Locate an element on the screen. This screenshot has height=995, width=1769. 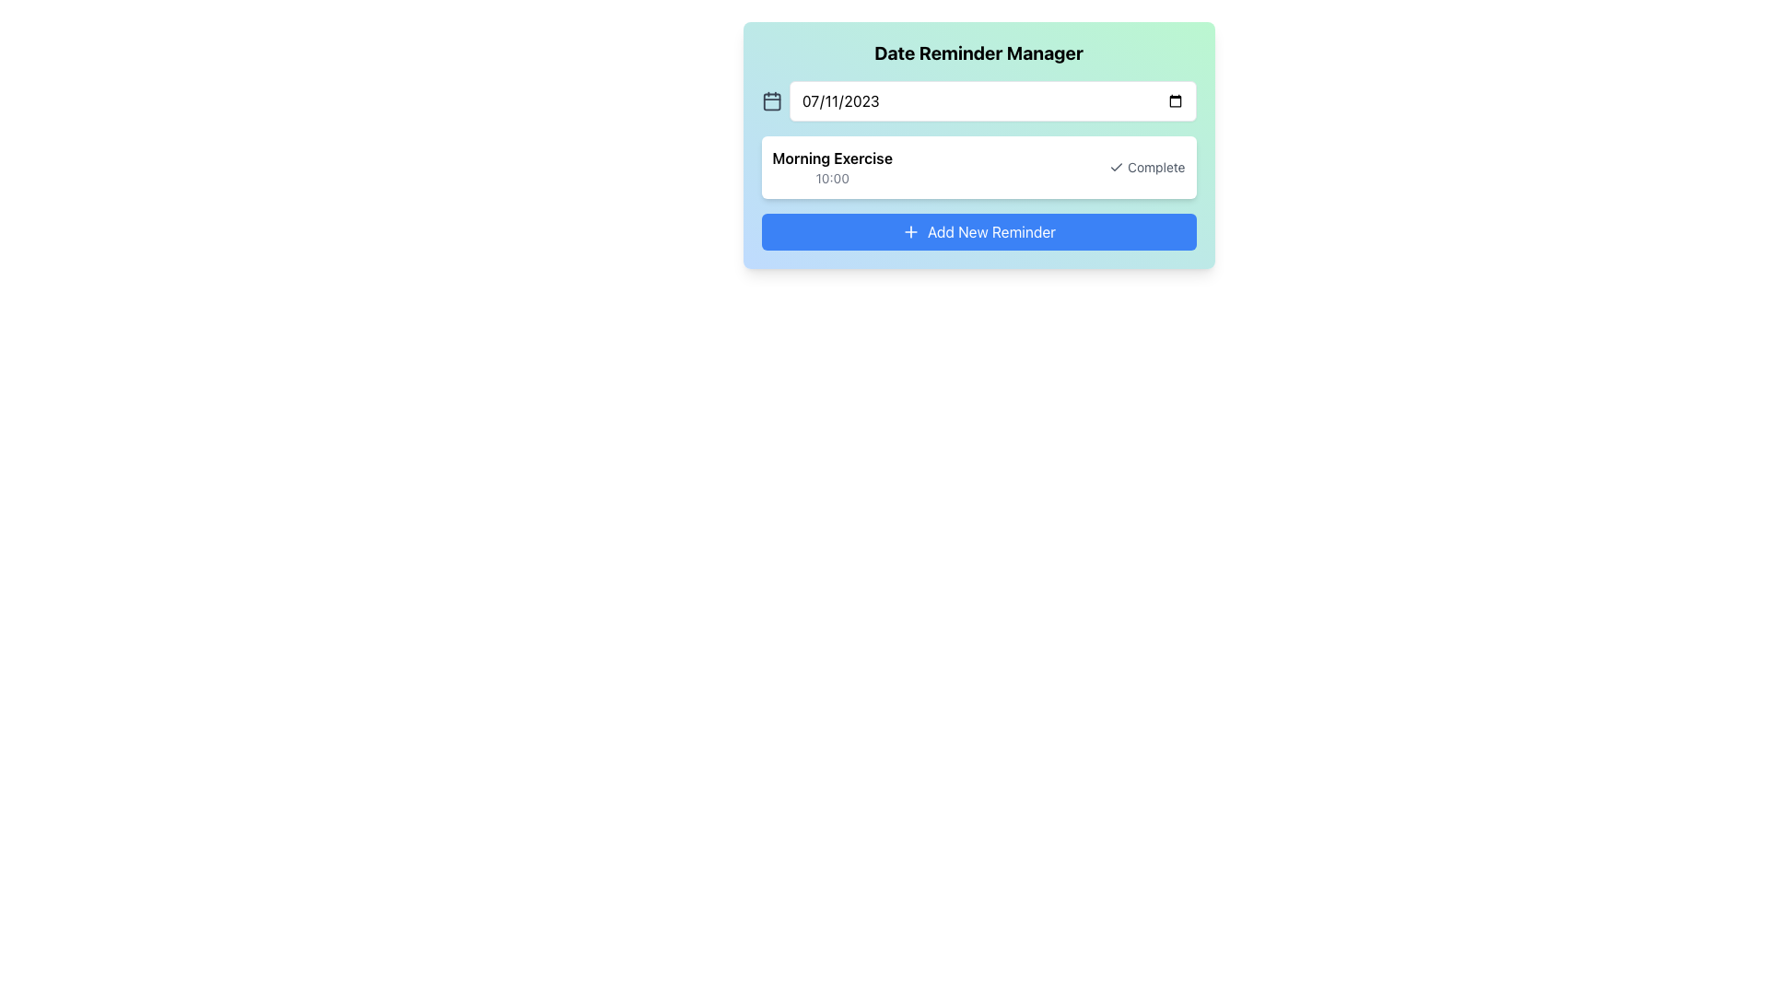
the text block displaying 'Morning Exercise' and '10:00', which is styled with a white box and rounded corners, located below the date input section labeled '07/11/2023' is located at coordinates (831, 167).